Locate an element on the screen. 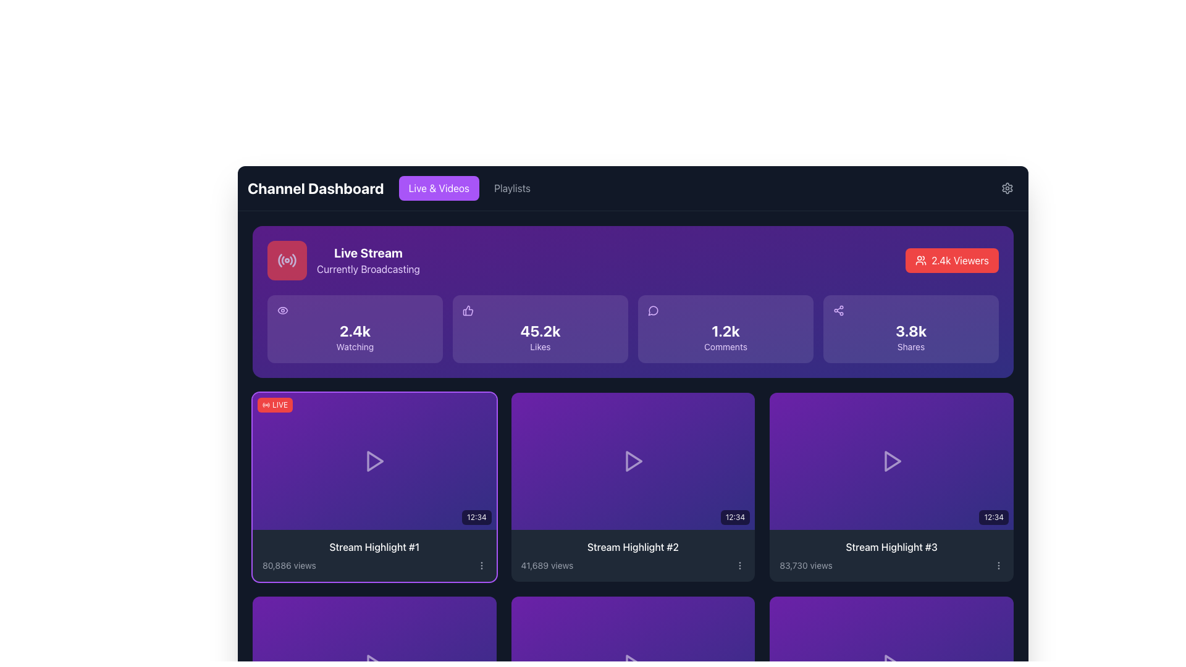 Image resolution: width=1186 pixels, height=667 pixels. the Text Label displaying '12:34' in white on a semi-transparent black background located at the bottom-right corner of the 'Stream Highlight #1' thumbnail is located at coordinates (476, 517).